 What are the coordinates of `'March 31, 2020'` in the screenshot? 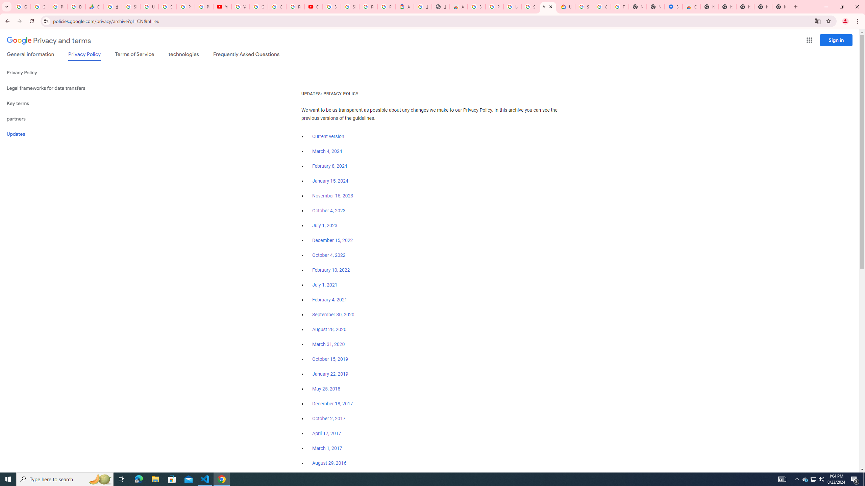 It's located at (328, 344).